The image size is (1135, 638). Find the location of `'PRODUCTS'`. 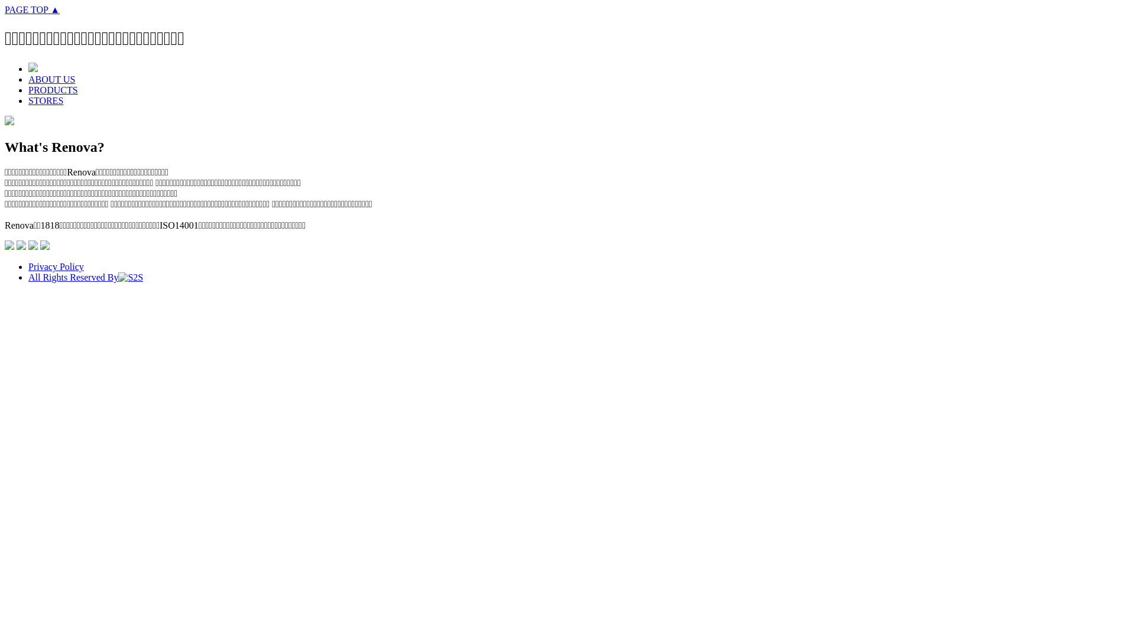

'PRODUCTS' is located at coordinates (53, 89).